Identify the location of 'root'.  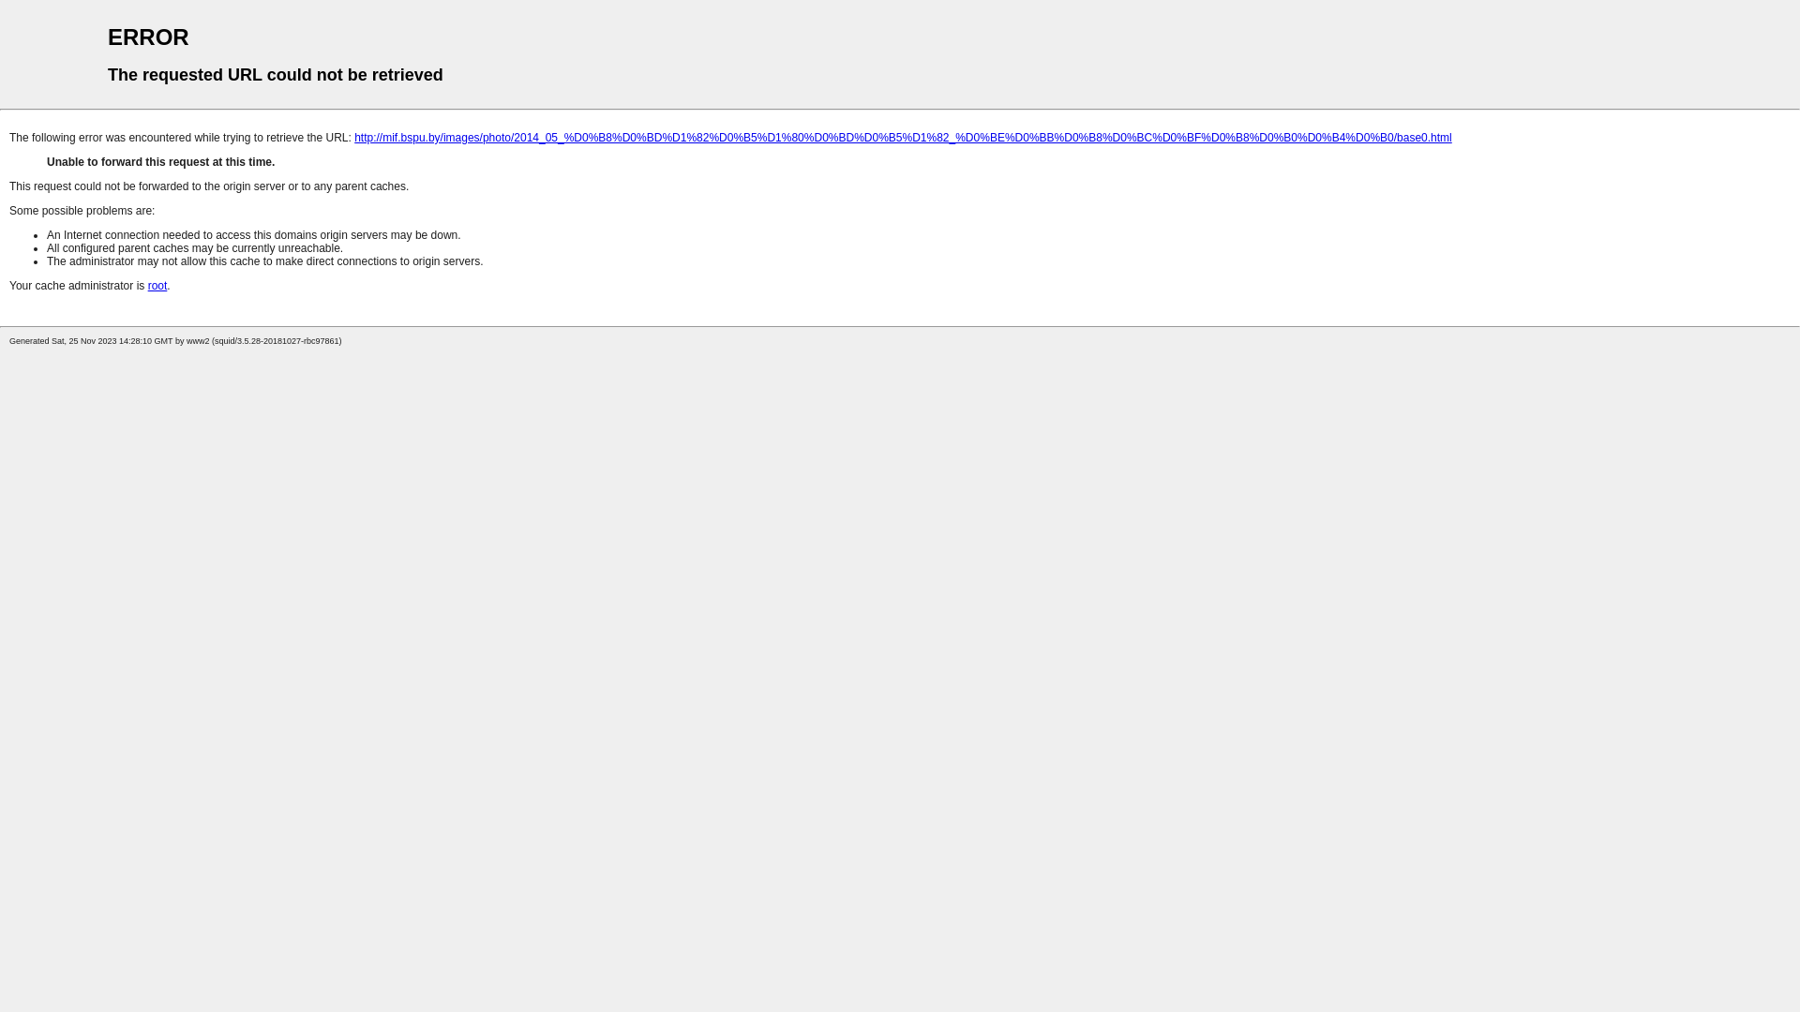
(157, 285).